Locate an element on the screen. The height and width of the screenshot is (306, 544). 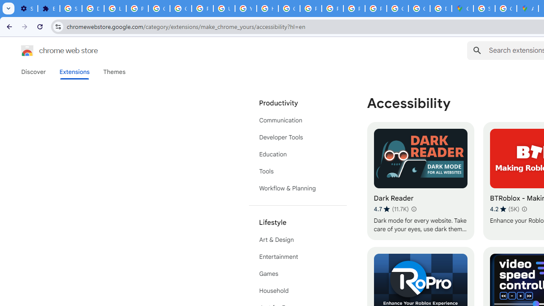
'Chrome Web Store logo' is located at coordinates (27, 51).